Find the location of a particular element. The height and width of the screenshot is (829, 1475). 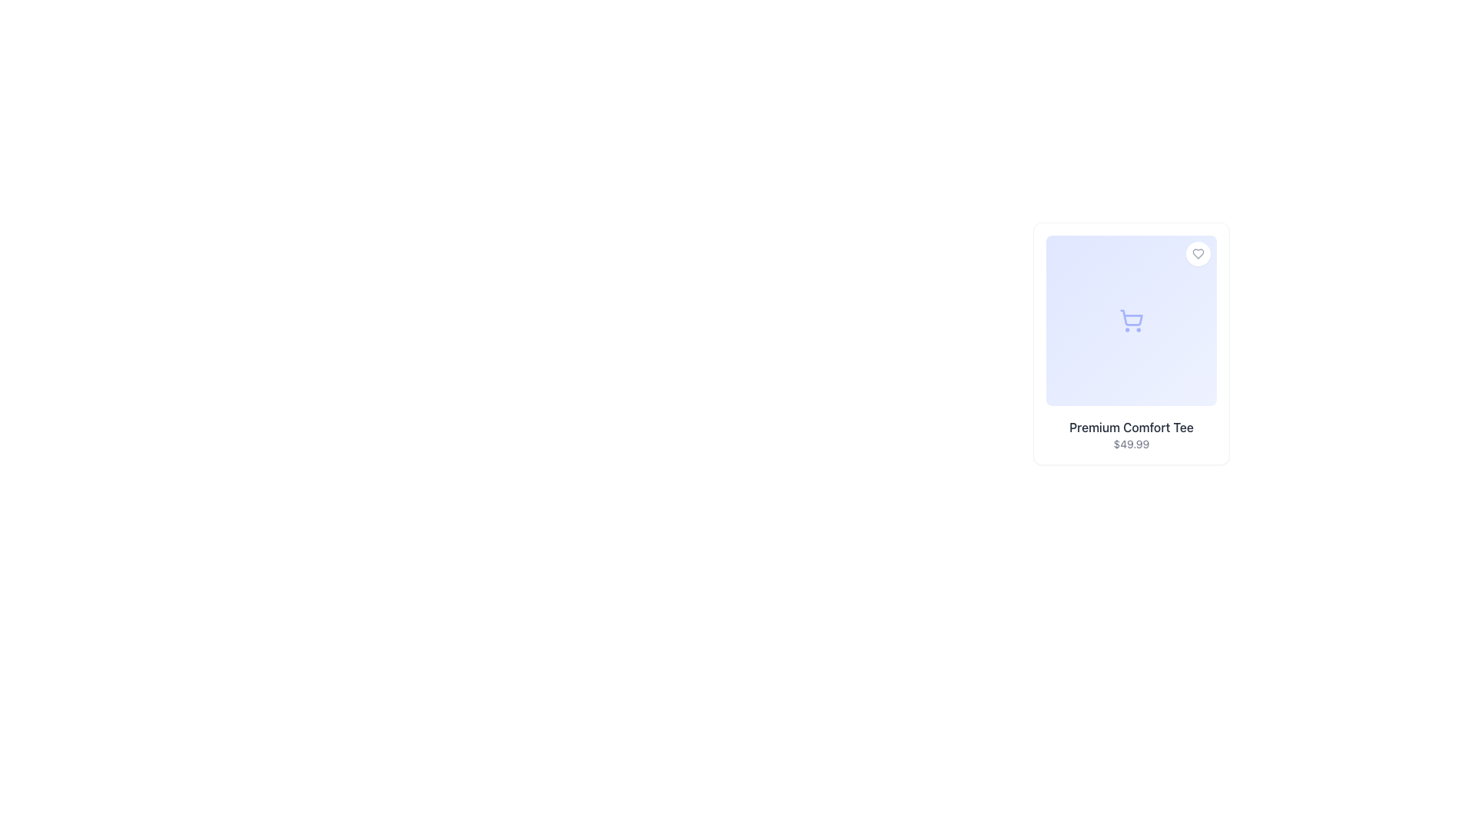

the text label displaying 'Premium Comfort Tee' located centrally within a card component, positioned below a placeholder image and above the price label, to interact with adjacent elements is located at coordinates (1132, 427).